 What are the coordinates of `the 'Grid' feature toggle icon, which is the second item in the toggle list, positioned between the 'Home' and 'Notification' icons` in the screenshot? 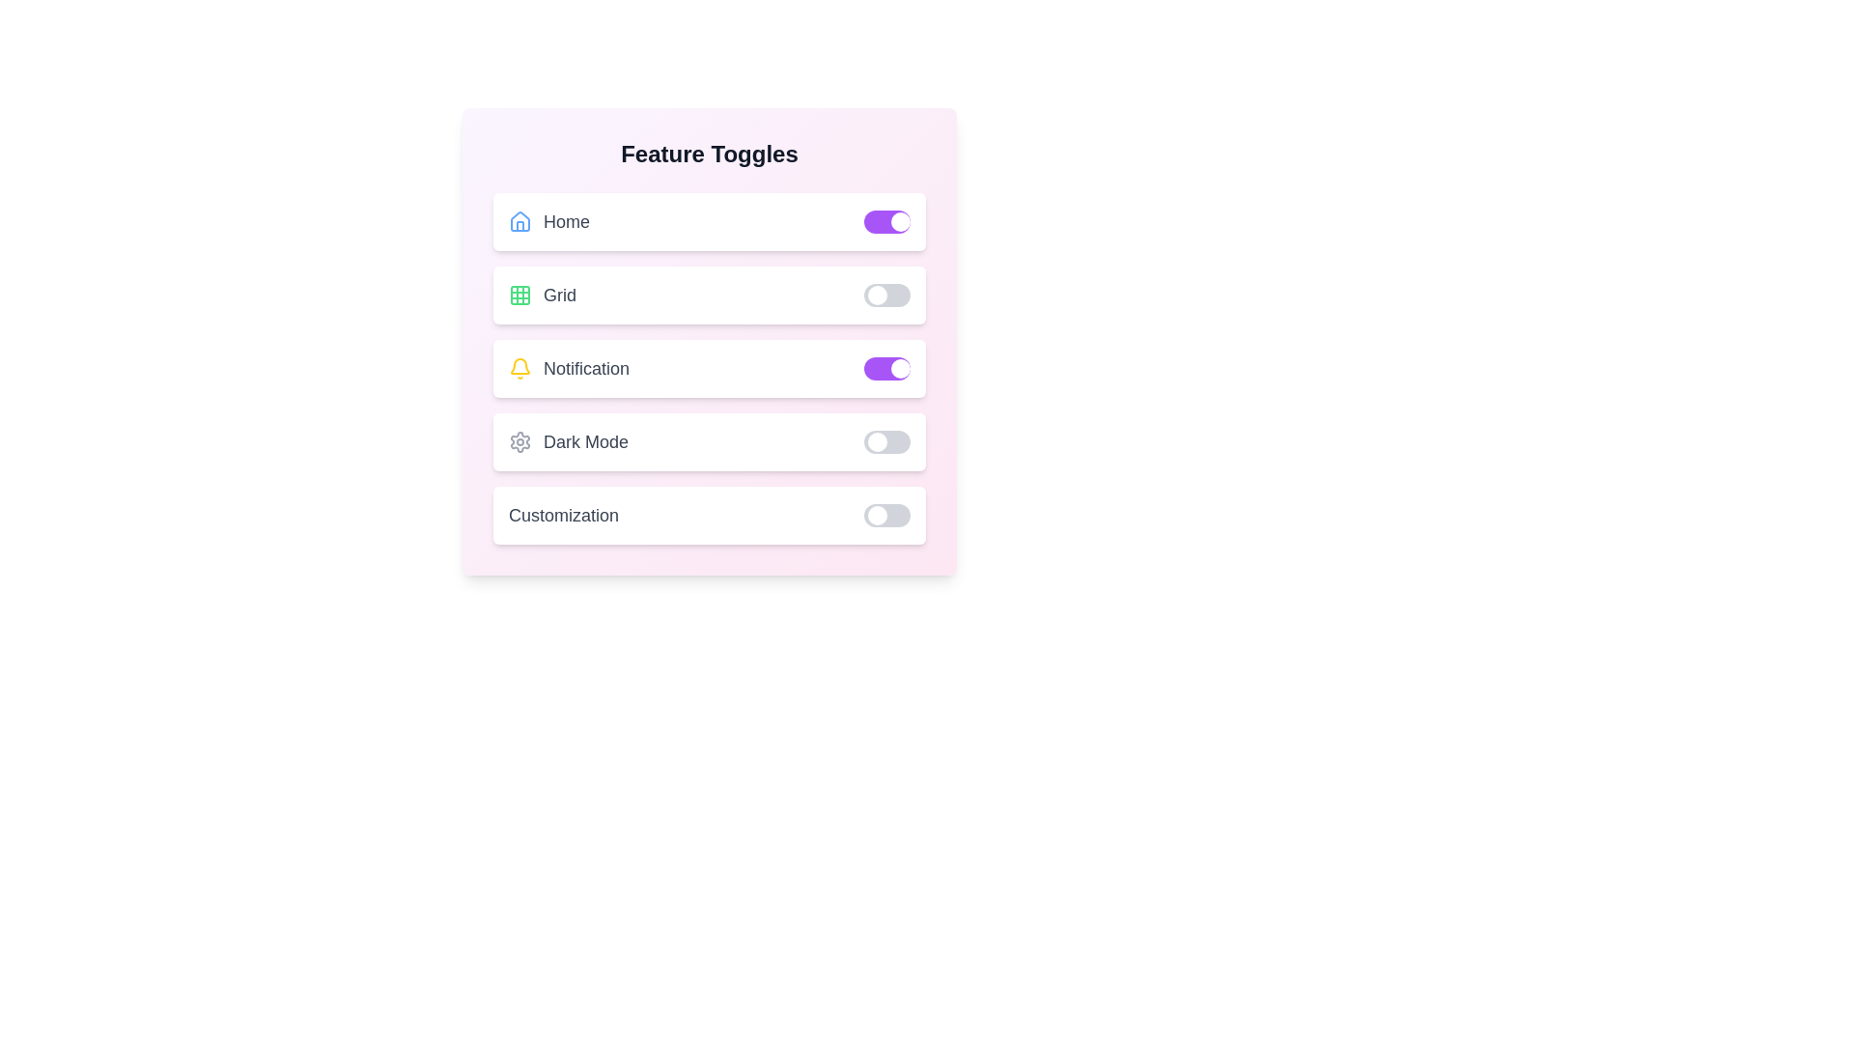 It's located at (520, 295).